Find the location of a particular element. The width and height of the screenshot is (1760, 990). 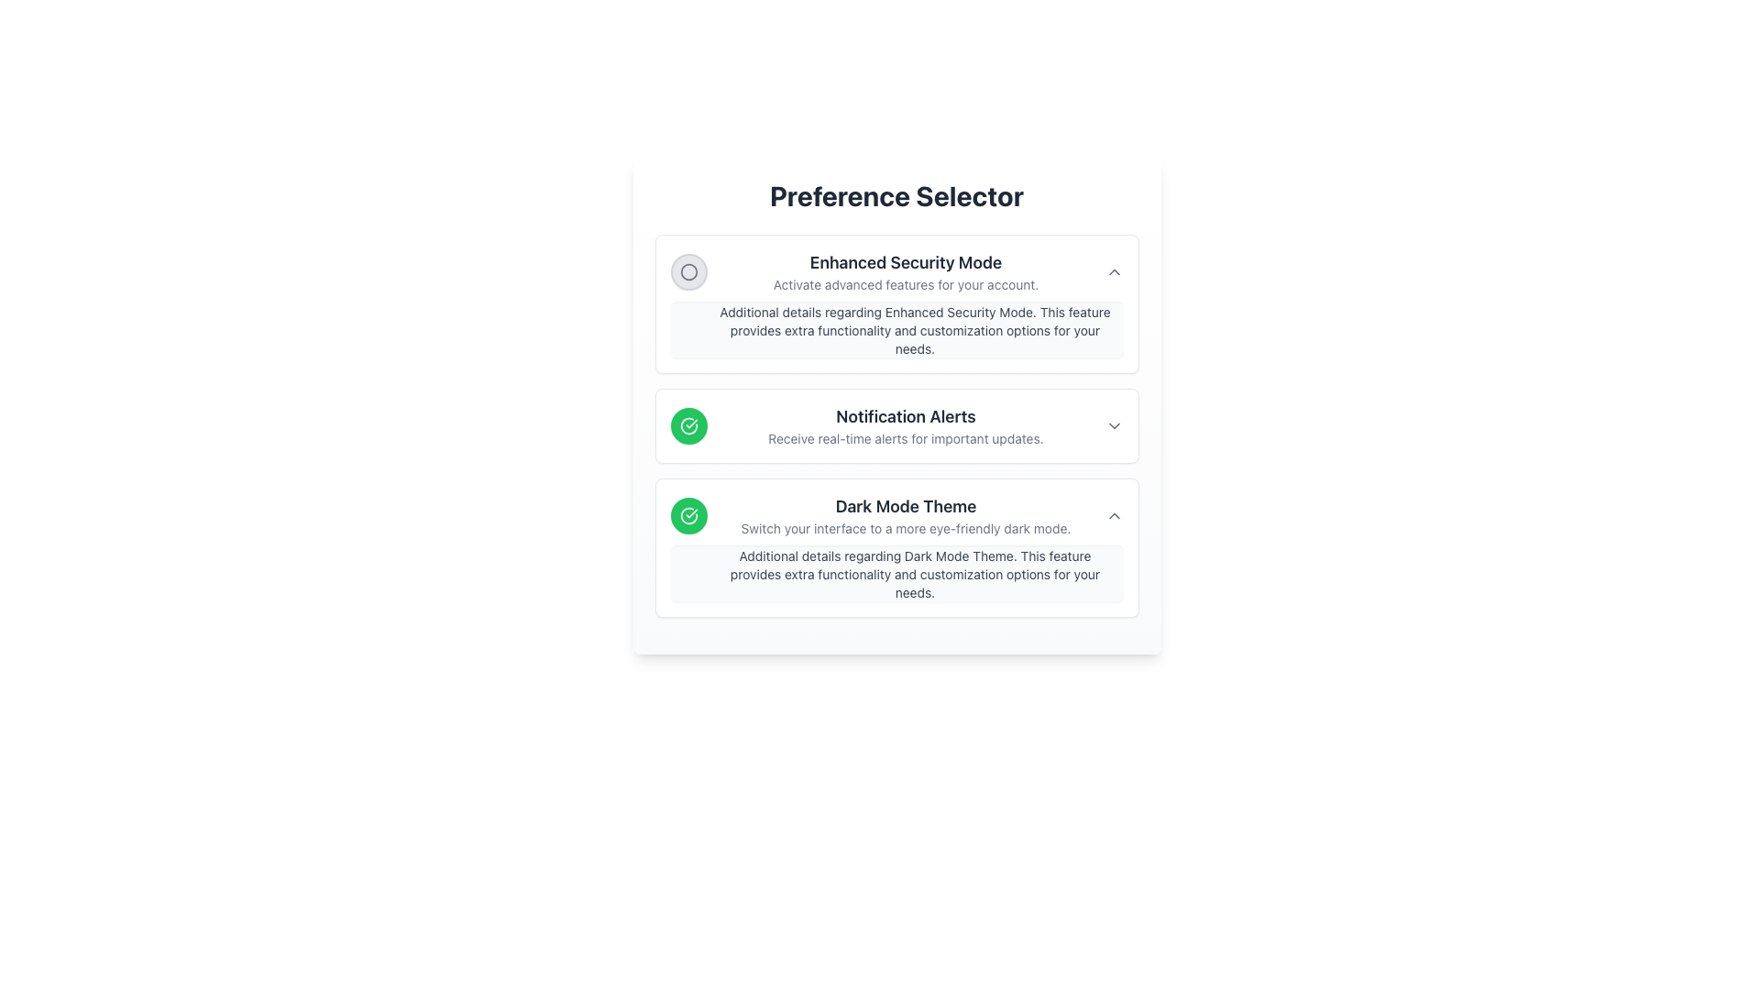

the circular checkmark icon with a green background, indicating success, located in the 'Preference Selector' section under 'Notification Alerts' is located at coordinates (687, 426).